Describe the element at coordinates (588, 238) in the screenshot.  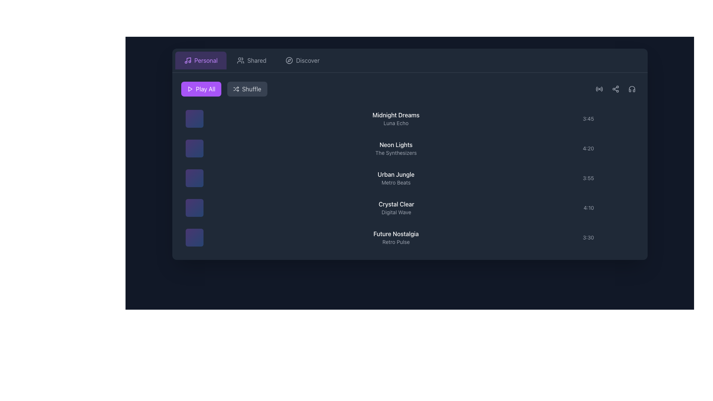
I see `the text label indicating the duration of the last visible song in the list` at that location.